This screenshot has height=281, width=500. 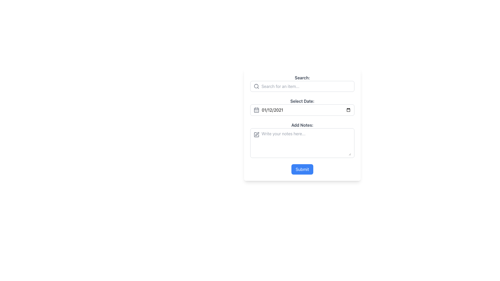 I want to click on the blue 'Submit' button with rounded corners located at the bottom of the form, so click(x=302, y=169).